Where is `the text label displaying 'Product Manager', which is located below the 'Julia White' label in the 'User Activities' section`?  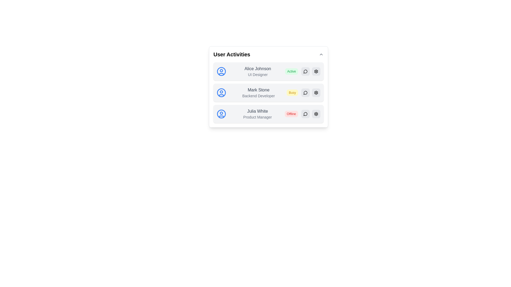 the text label displaying 'Product Manager', which is located below the 'Julia White' label in the 'User Activities' section is located at coordinates (257, 117).